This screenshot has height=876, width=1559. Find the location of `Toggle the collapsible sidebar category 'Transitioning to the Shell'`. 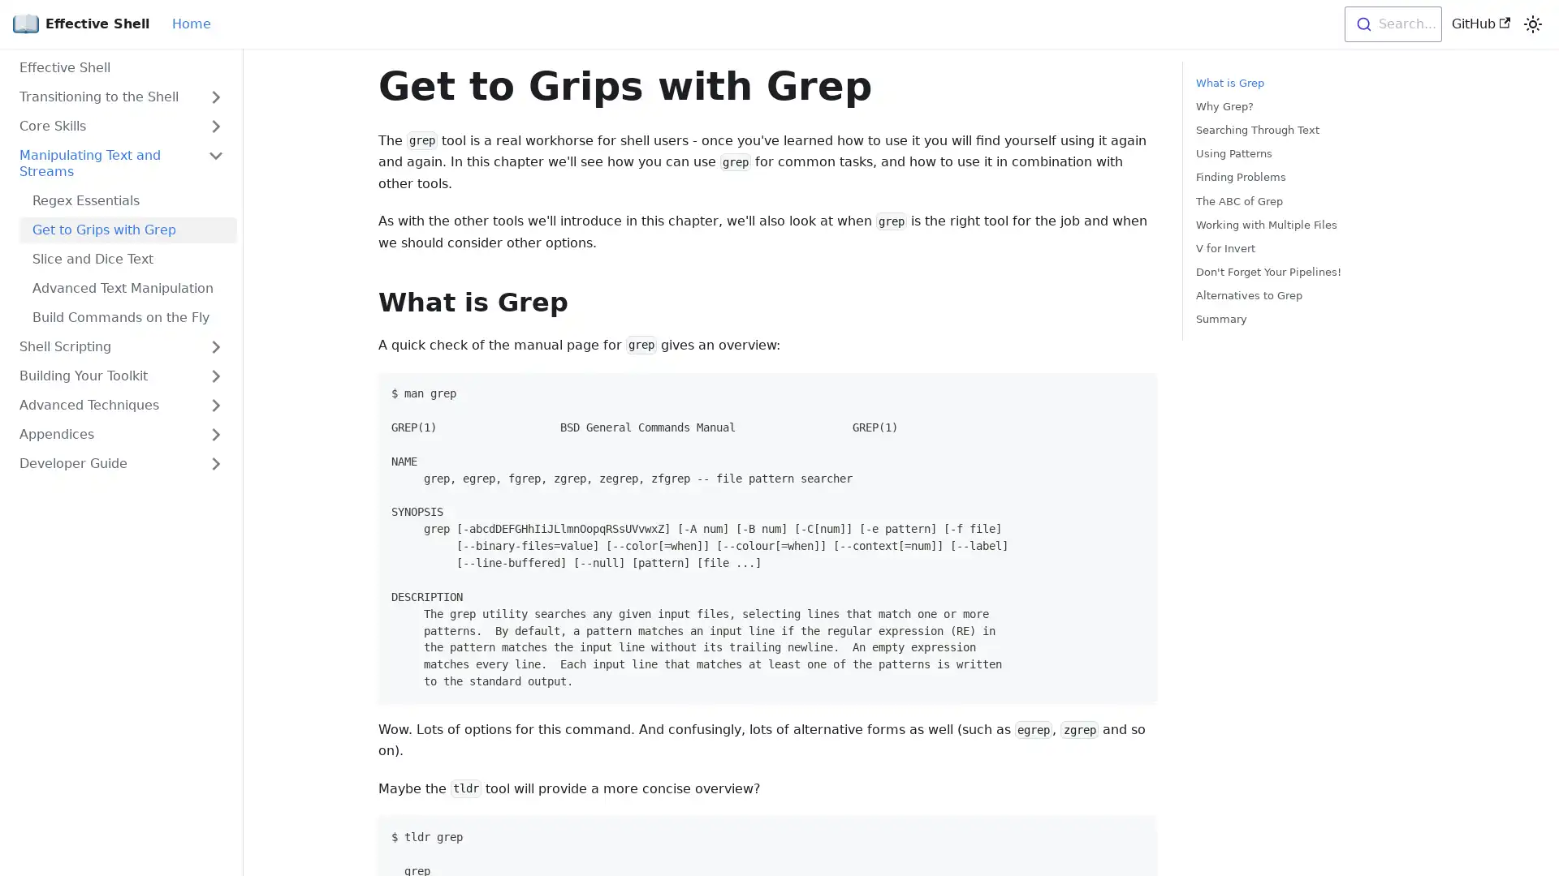

Toggle the collapsible sidebar category 'Transitioning to the Shell' is located at coordinates (214, 97).